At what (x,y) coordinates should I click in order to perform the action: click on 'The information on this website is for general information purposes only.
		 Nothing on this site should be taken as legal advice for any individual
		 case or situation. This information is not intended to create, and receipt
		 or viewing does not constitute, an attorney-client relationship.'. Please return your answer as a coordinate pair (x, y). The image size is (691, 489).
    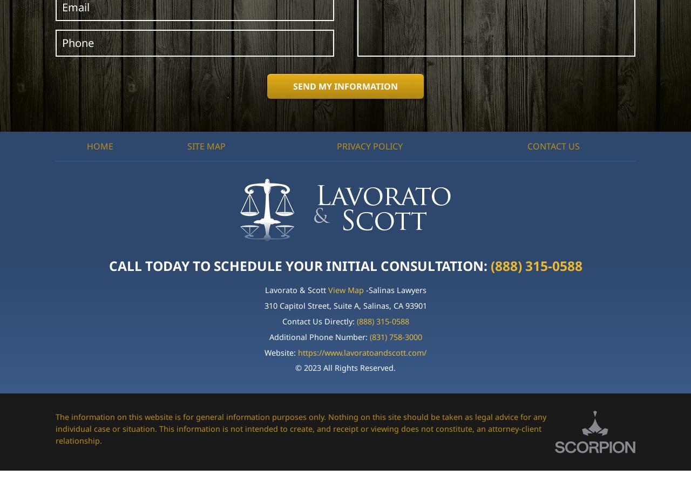
    Looking at the image, I should click on (300, 429).